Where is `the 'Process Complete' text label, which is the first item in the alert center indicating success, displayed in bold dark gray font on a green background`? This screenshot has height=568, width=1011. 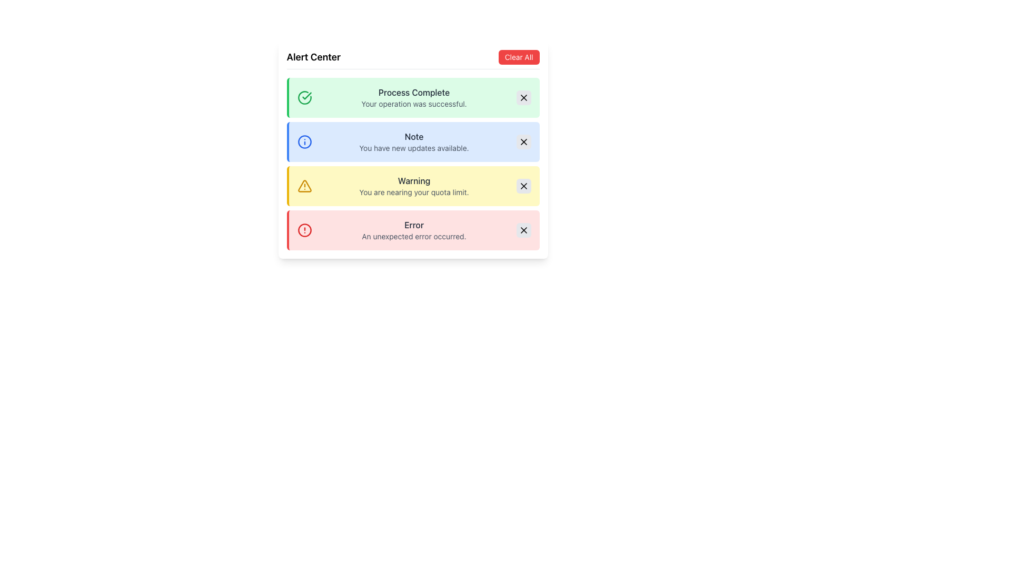 the 'Process Complete' text label, which is the first item in the alert center indicating success, displayed in bold dark gray font on a green background is located at coordinates (413, 92).